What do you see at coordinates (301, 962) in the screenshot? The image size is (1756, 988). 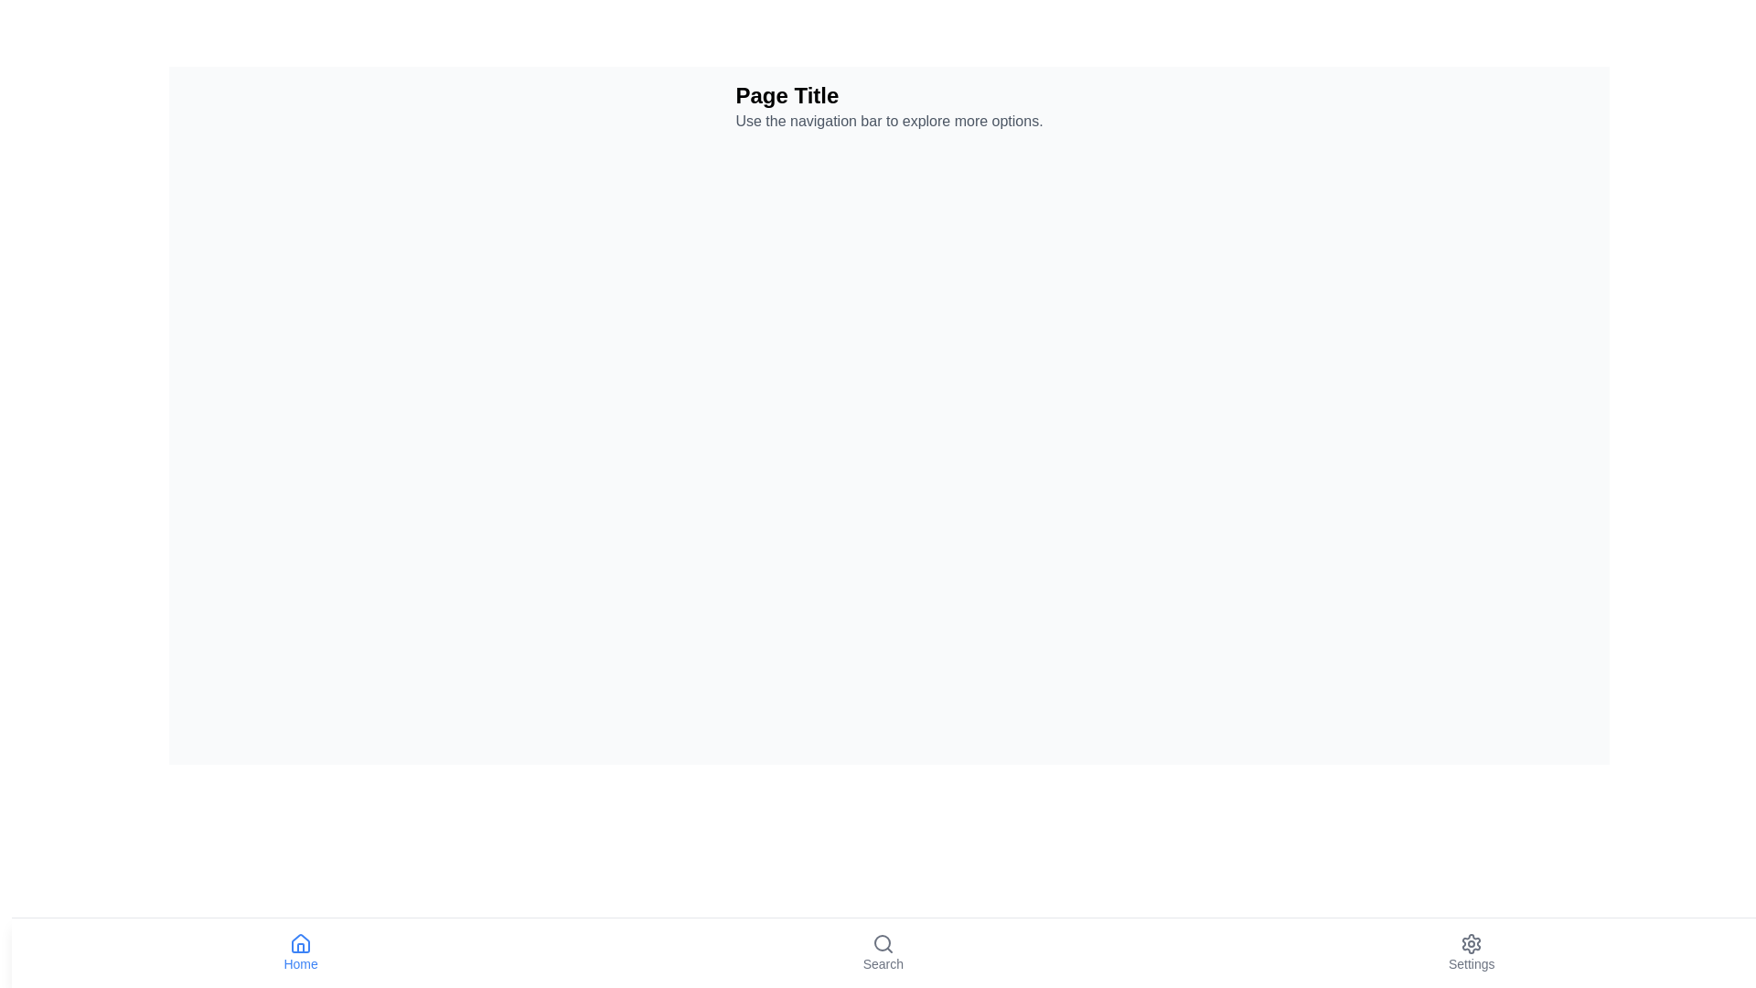 I see `the 'Home' text label element, which is styled in blue and located at the bottom of the interface, beneath a house icon` at bounding box center [301, 962].